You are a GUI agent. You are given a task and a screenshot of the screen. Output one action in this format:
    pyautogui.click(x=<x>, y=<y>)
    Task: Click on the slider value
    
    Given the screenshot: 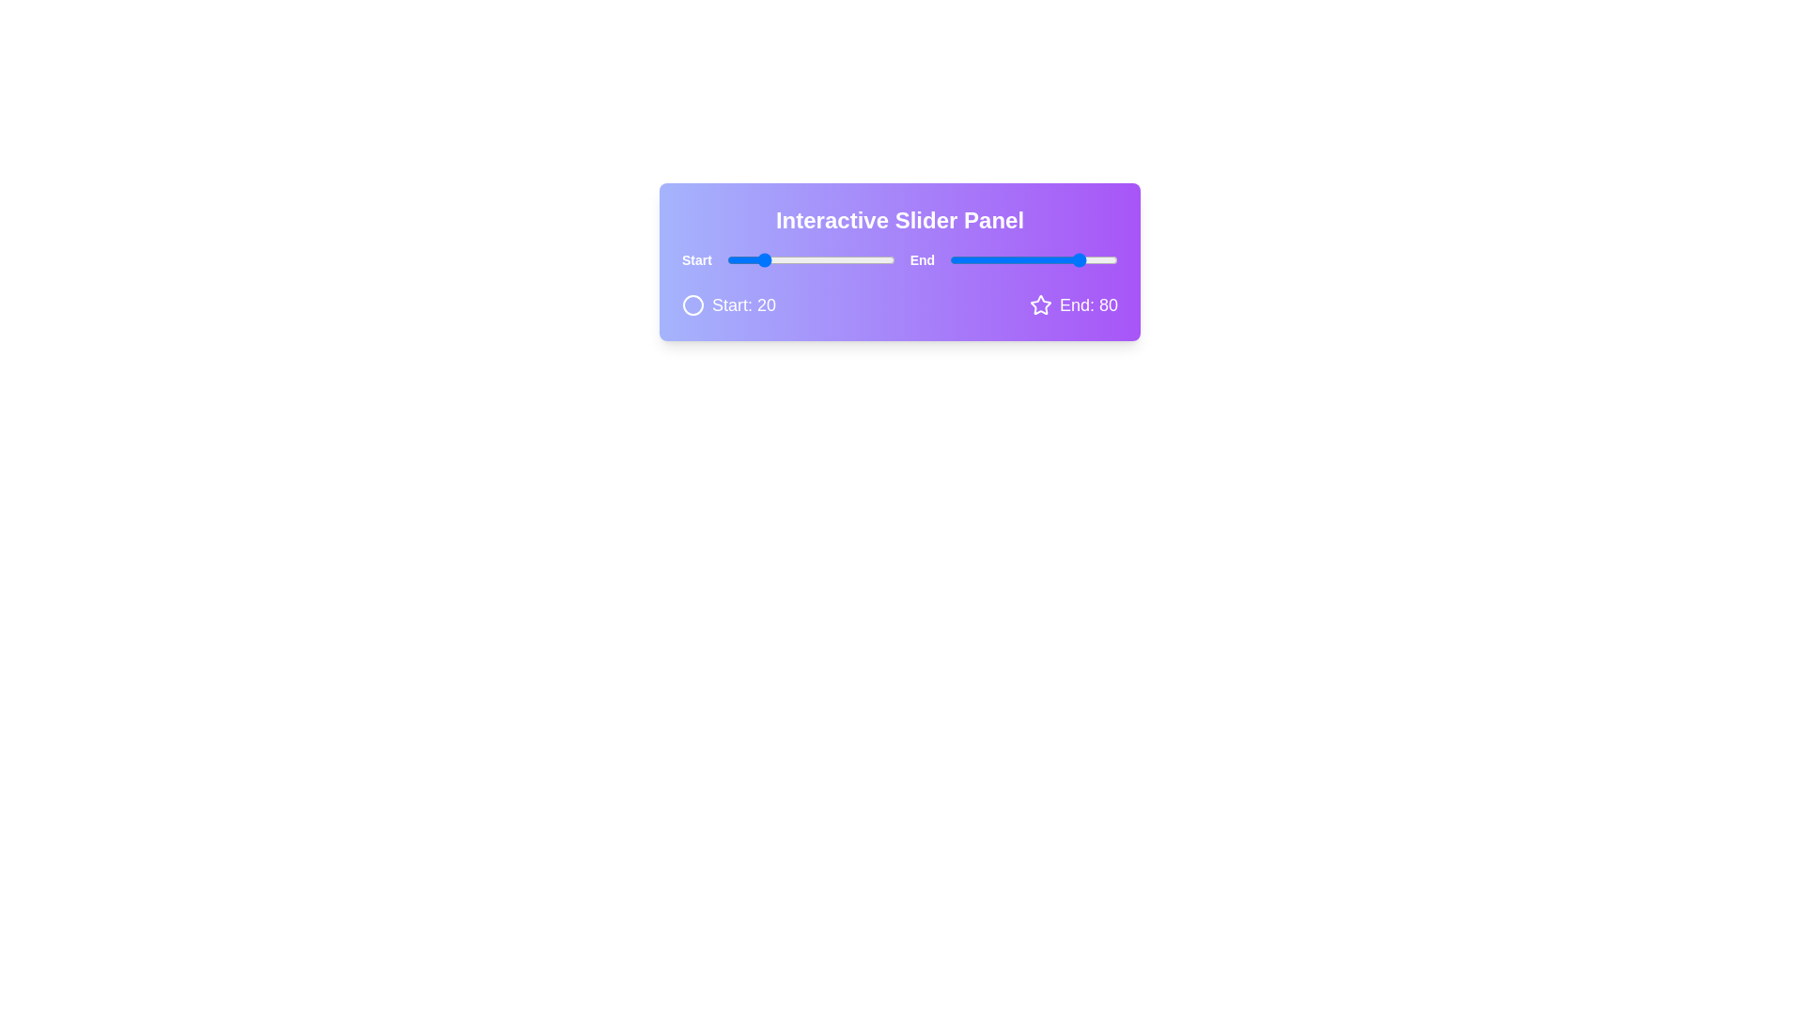 What is the action you would take?
    pyautogui.click(x=784, y=260)
    